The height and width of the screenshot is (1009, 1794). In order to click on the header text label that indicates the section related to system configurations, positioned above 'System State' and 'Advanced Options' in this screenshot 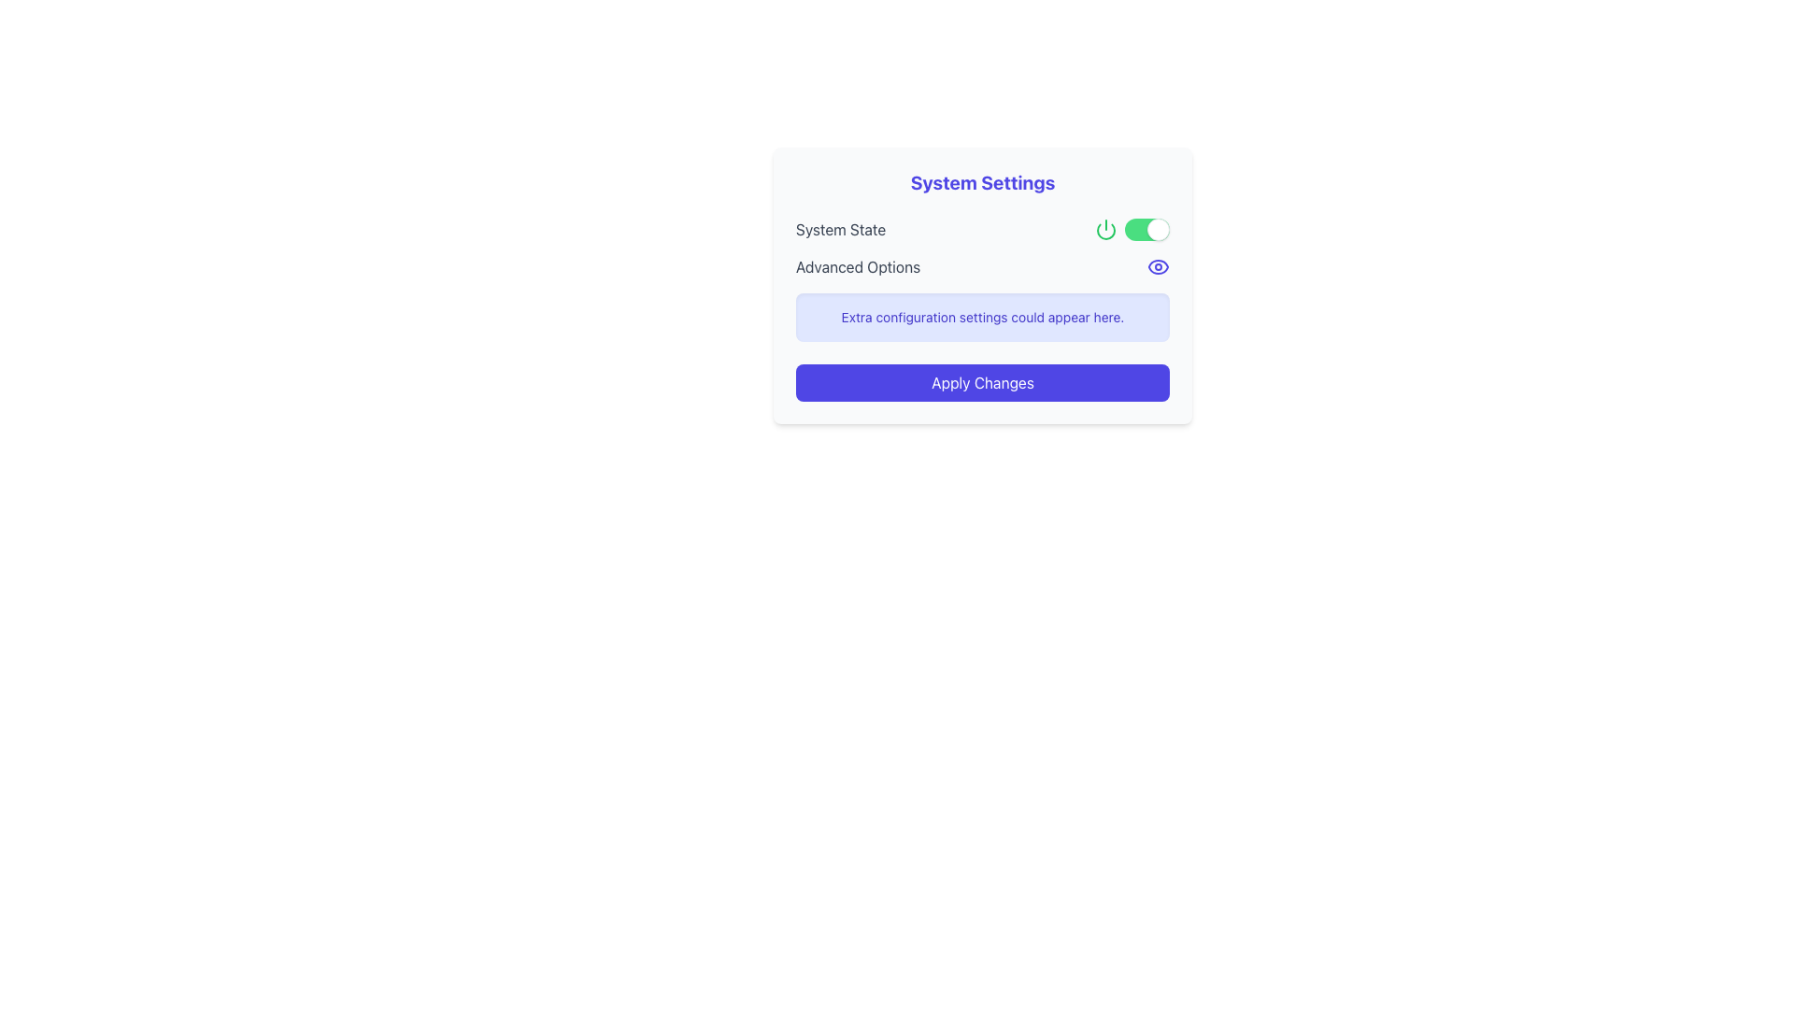, I will do `click(981, 183)`.